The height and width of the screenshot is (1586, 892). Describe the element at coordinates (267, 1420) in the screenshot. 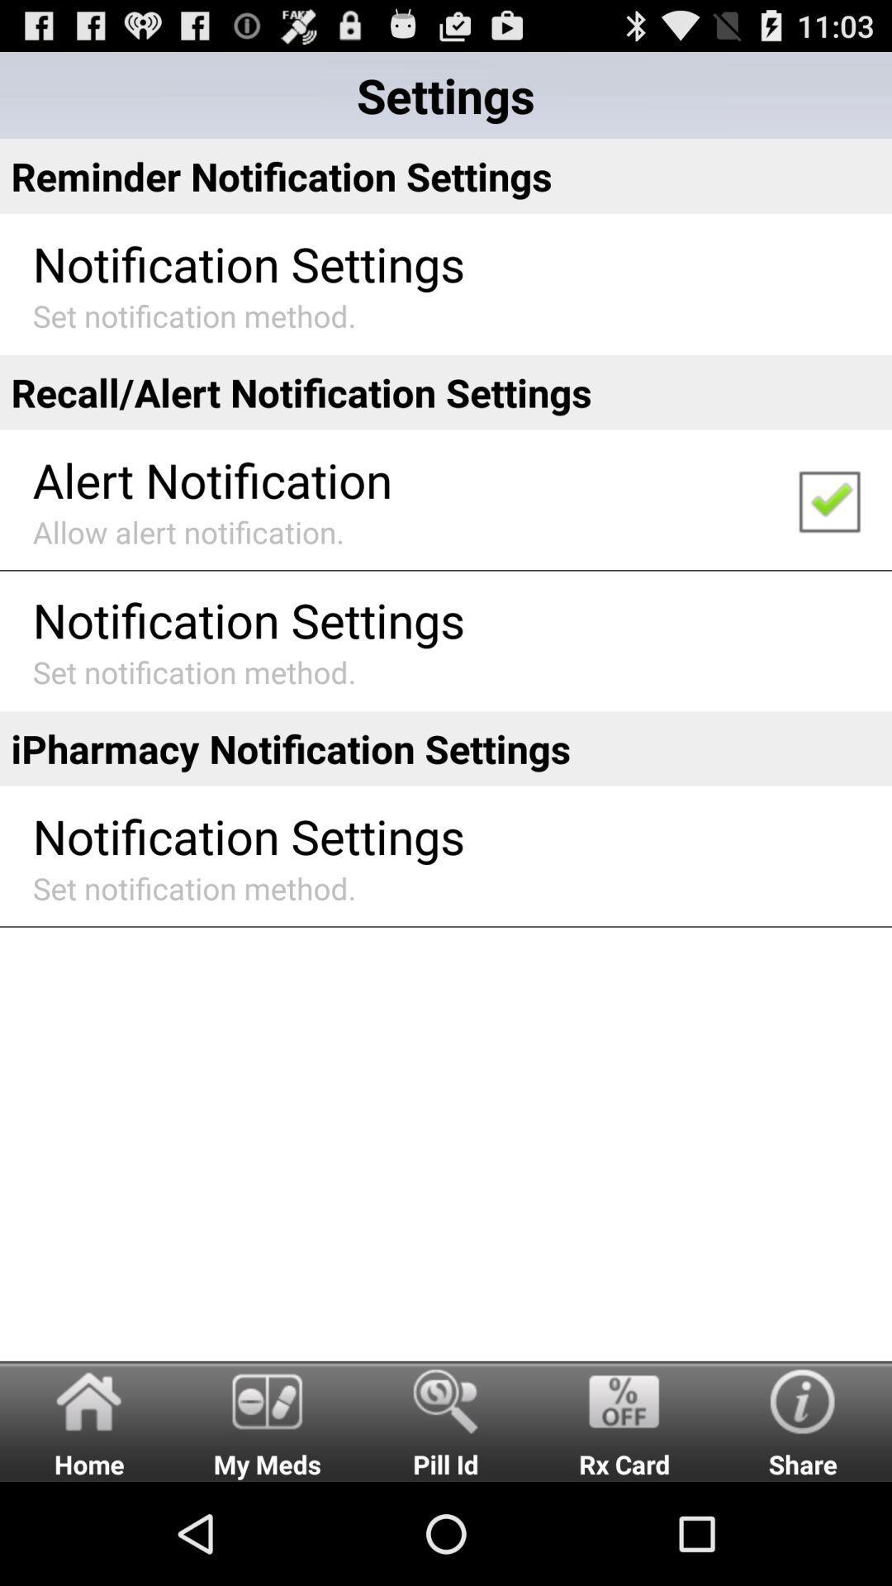

I see `the radio button next to pill id icon` at that location.